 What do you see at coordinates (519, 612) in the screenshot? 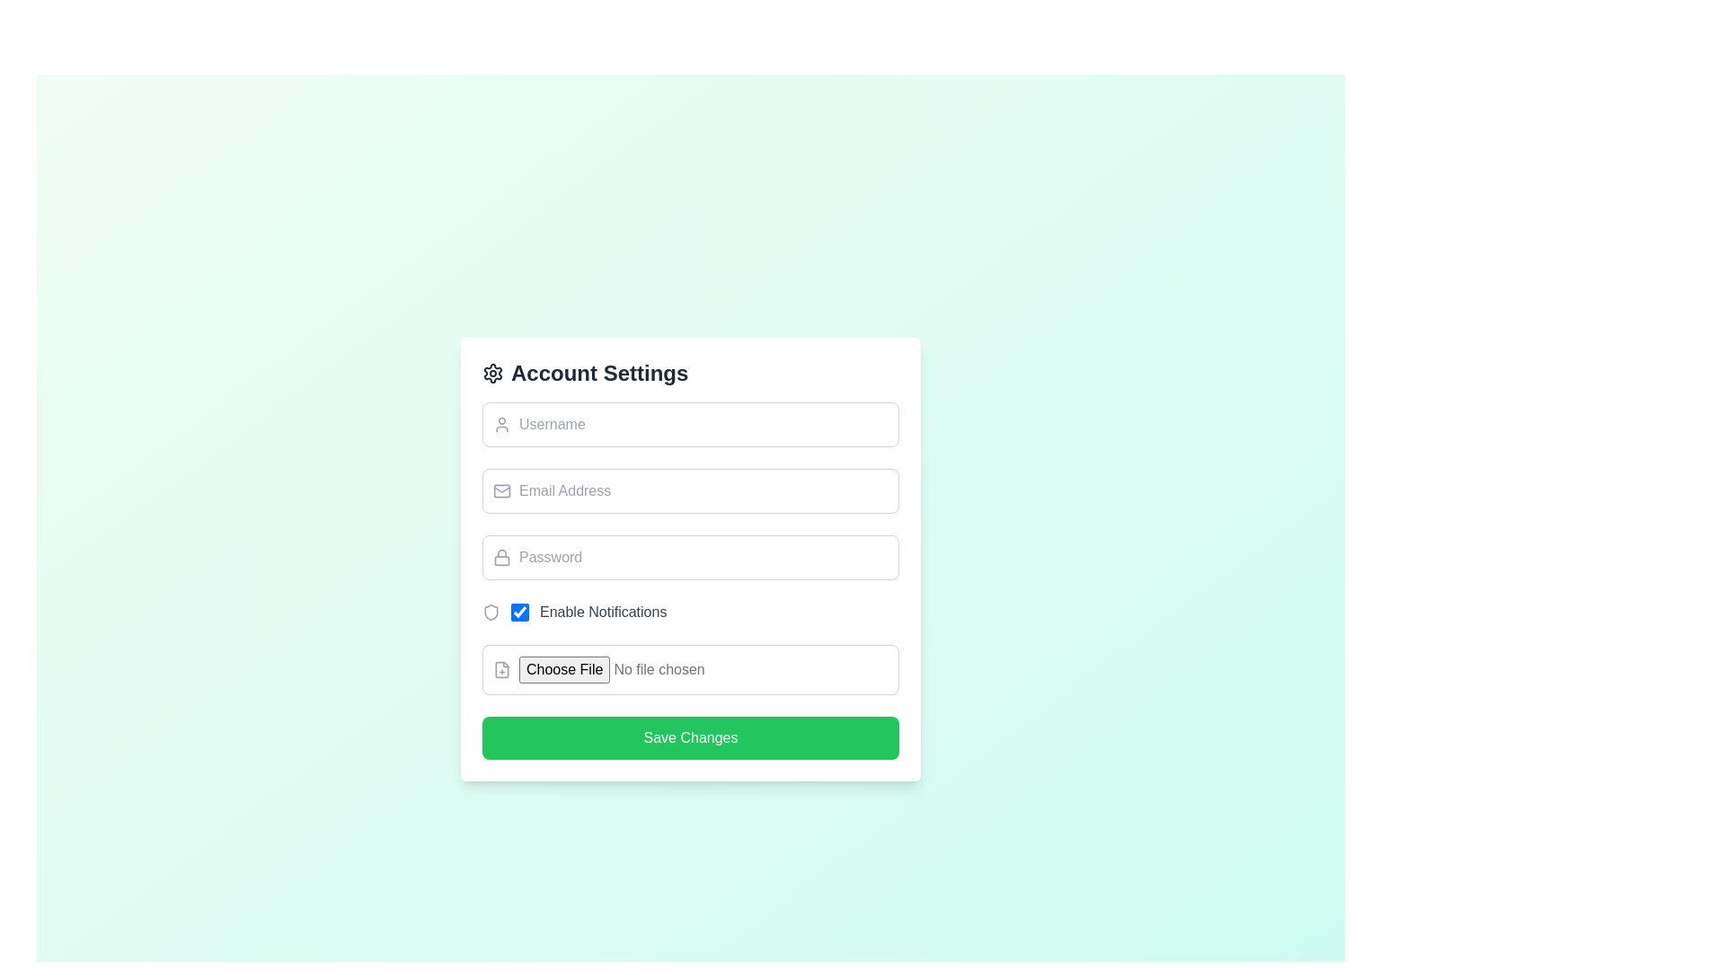
I see `the checkbox styled in a blue background with a white checkmark, located to the left of the text 'Enable Notifications' in the main settings form` at bounding box center [519, 612].